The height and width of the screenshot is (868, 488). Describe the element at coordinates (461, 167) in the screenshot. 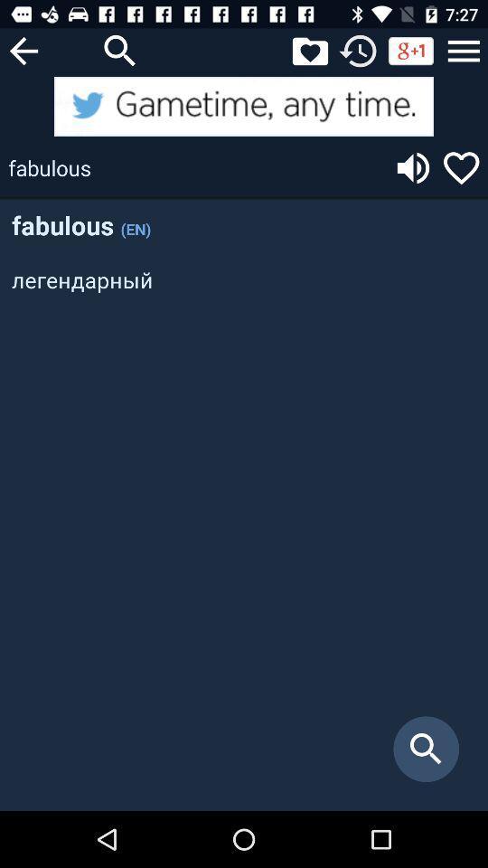

I see `to favorites` at that location.